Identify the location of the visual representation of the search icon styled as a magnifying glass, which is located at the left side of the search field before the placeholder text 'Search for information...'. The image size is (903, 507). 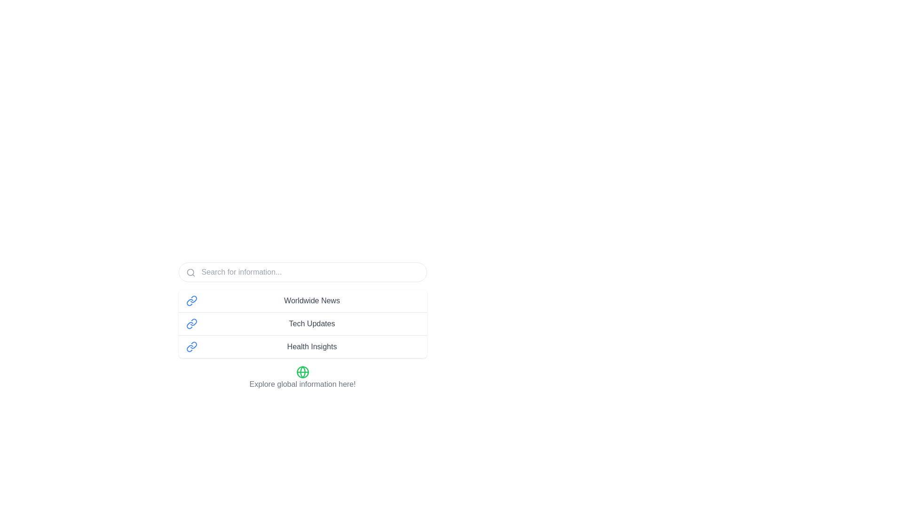
(190, 273).